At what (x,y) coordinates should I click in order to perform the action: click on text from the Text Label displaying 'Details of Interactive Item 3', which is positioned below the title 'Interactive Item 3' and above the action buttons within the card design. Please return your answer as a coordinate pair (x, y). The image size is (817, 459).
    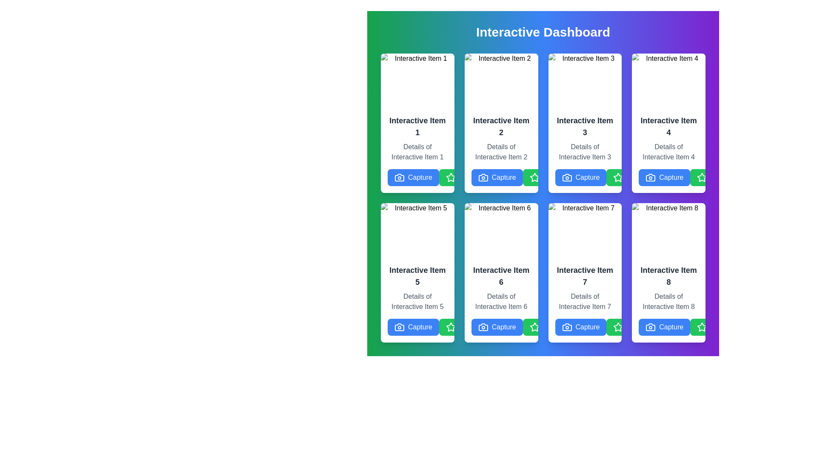
    Looking at the image, I should click on (584, 150).